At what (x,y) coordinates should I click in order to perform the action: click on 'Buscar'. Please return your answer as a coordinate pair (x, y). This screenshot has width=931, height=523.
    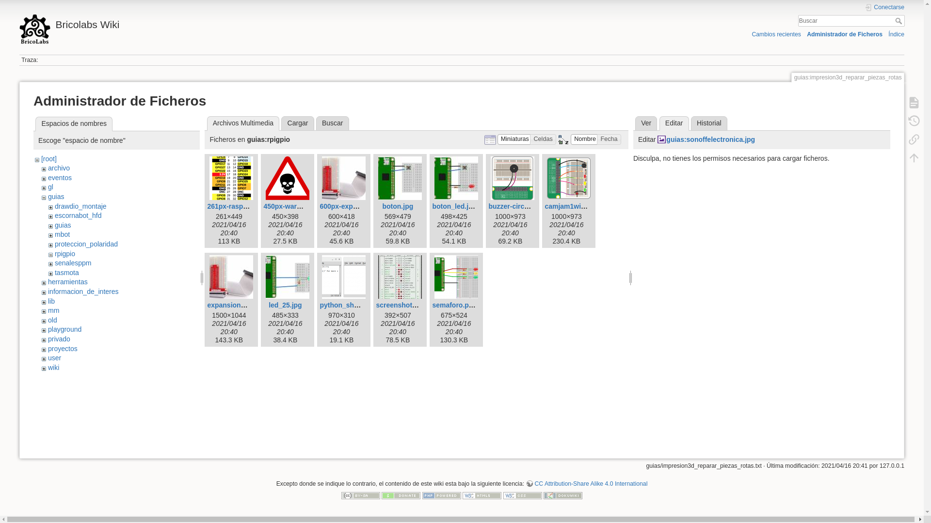
    Looking at the image, I should click on (316, 123).